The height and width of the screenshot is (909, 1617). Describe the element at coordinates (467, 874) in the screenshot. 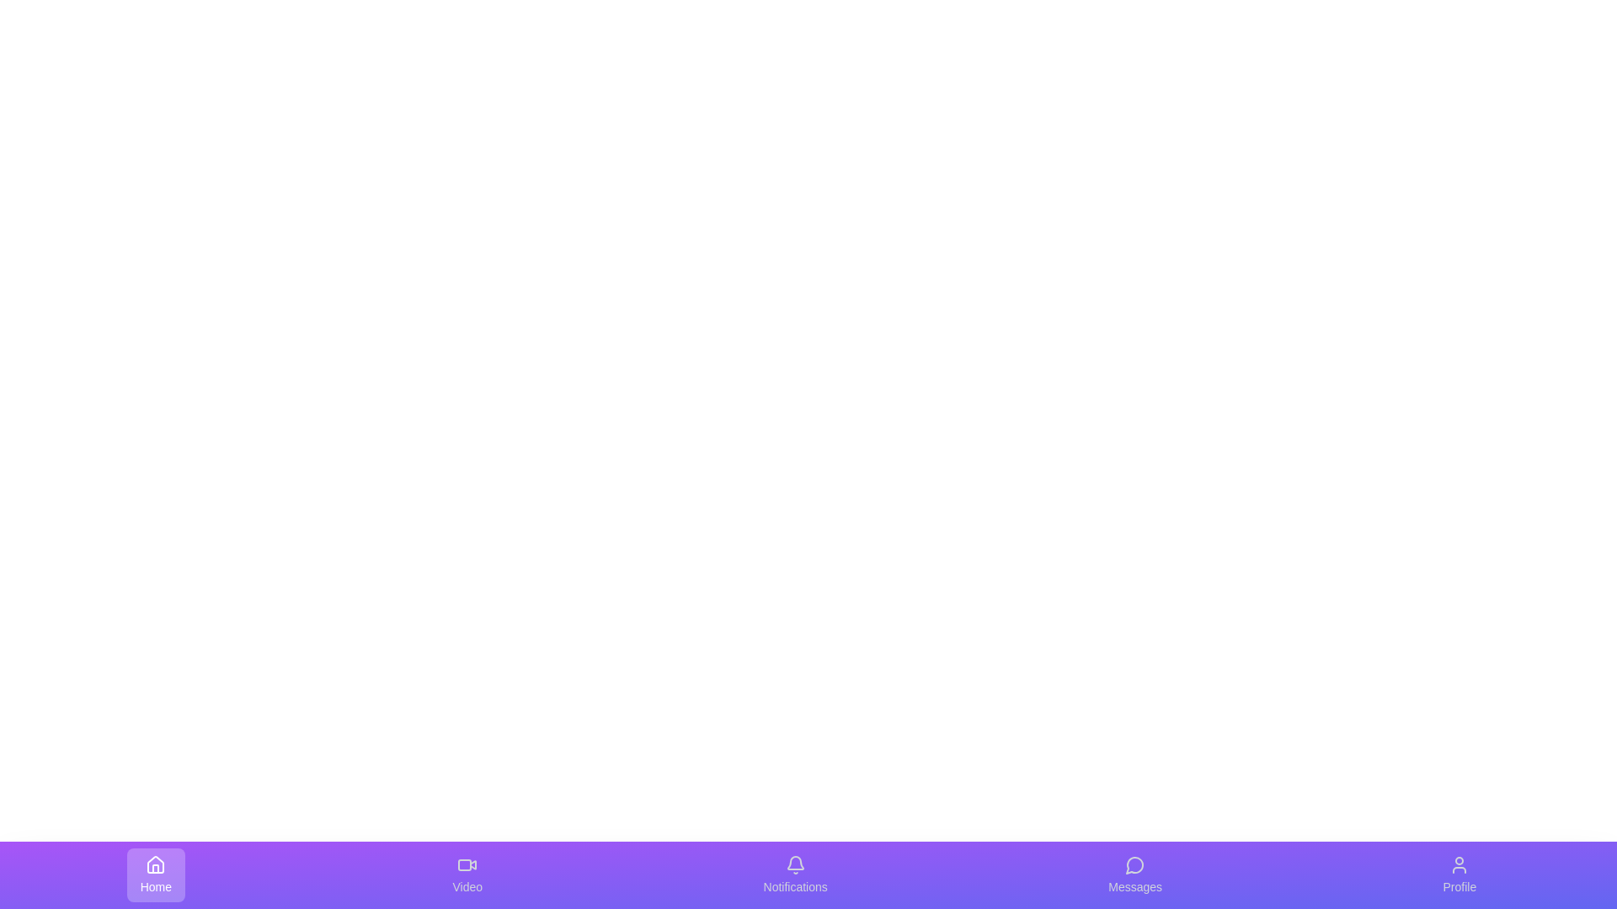

I see `the icon for Video to trigger visual feedback` at that location.